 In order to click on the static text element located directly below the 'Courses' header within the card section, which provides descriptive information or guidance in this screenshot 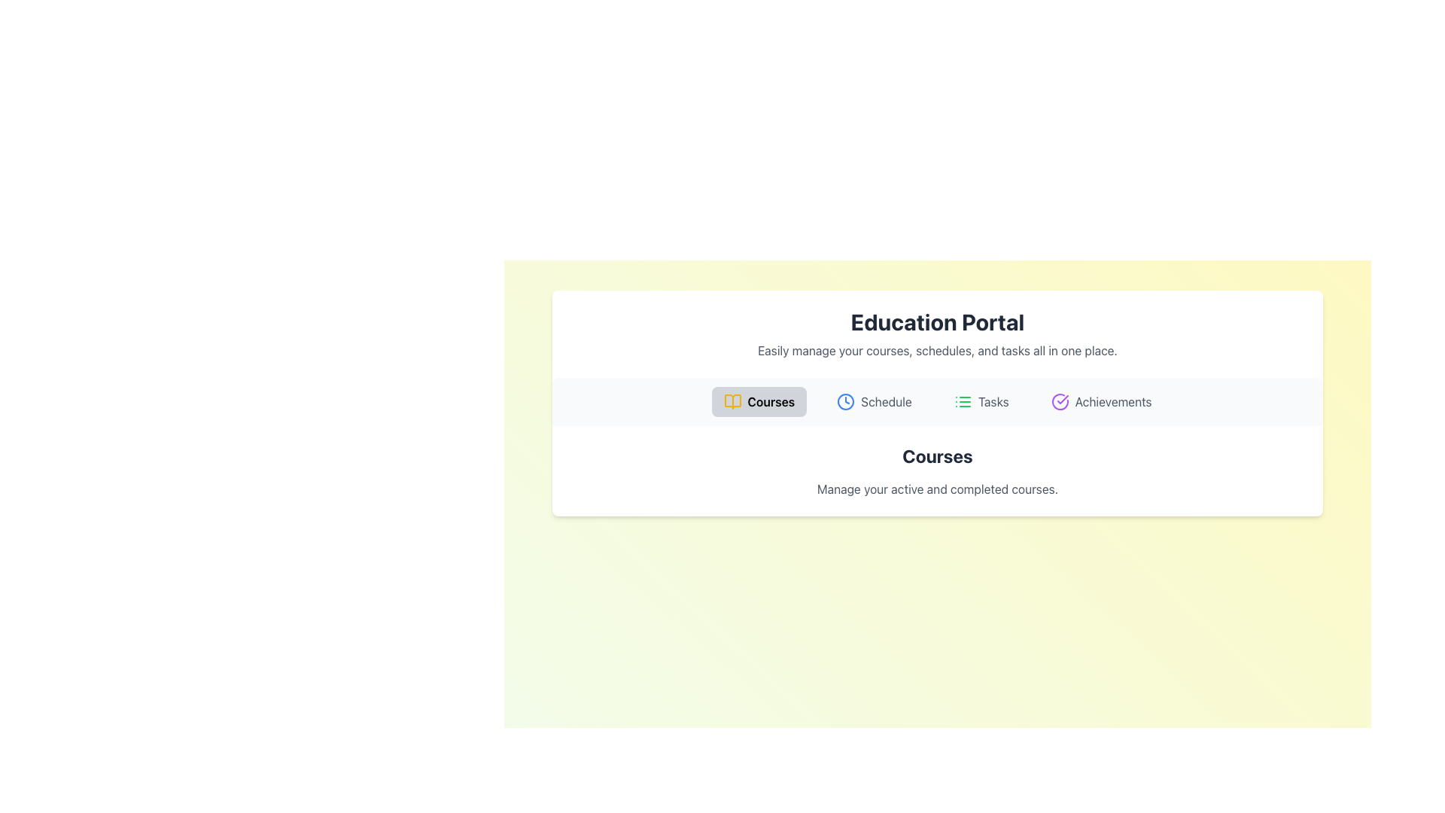, I will do `click(937, 489)`.